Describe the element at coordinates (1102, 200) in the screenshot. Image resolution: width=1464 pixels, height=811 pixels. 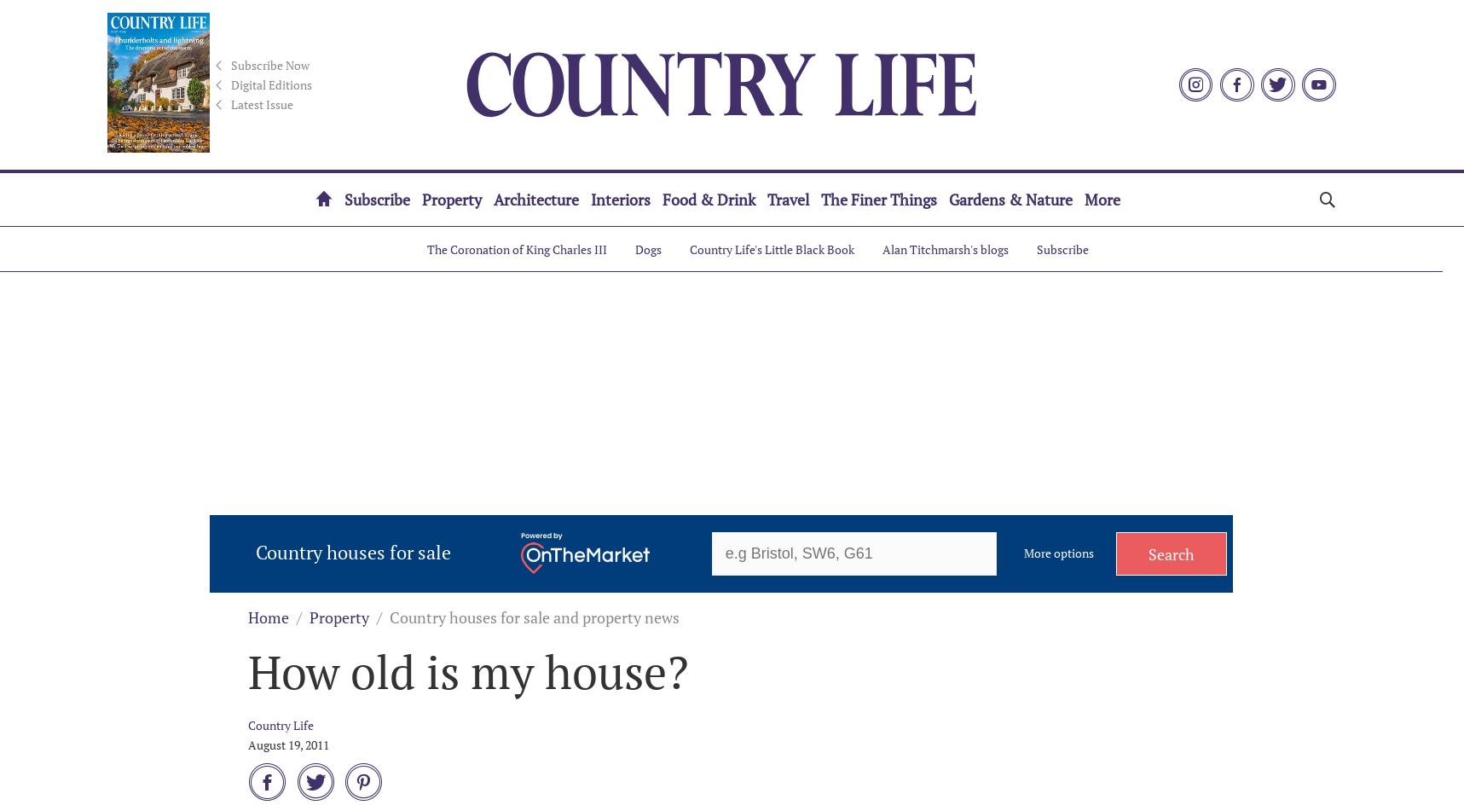
I see `'More'` at that location.